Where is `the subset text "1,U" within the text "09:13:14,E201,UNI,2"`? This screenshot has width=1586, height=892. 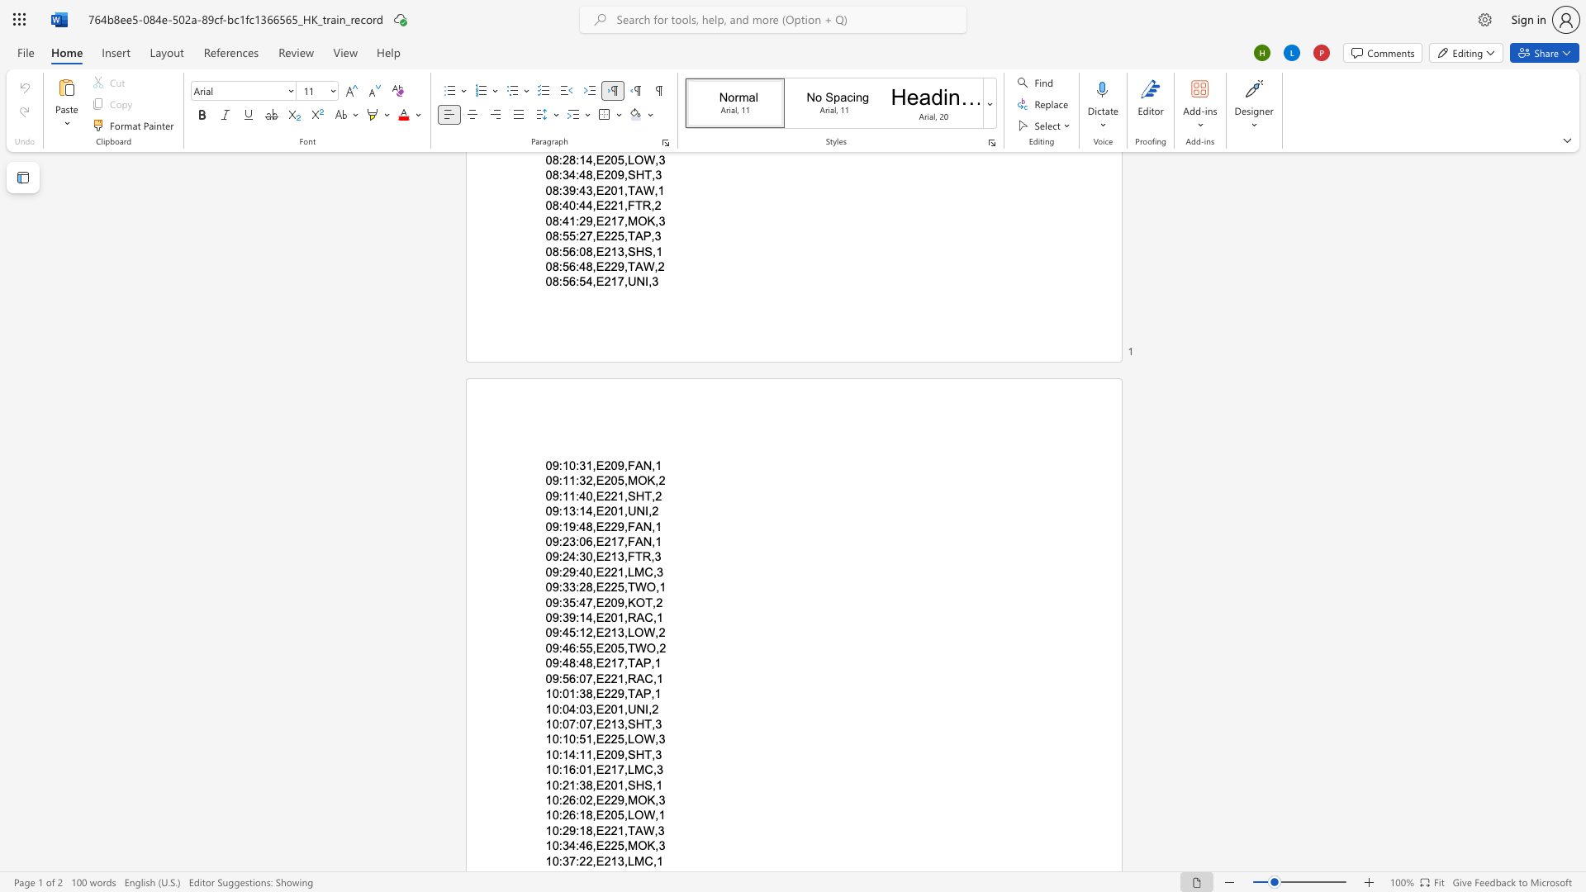
the subset text "1,U" within the text "09:13:14,E201,UNI,2" is located at coordinates (616, 510).